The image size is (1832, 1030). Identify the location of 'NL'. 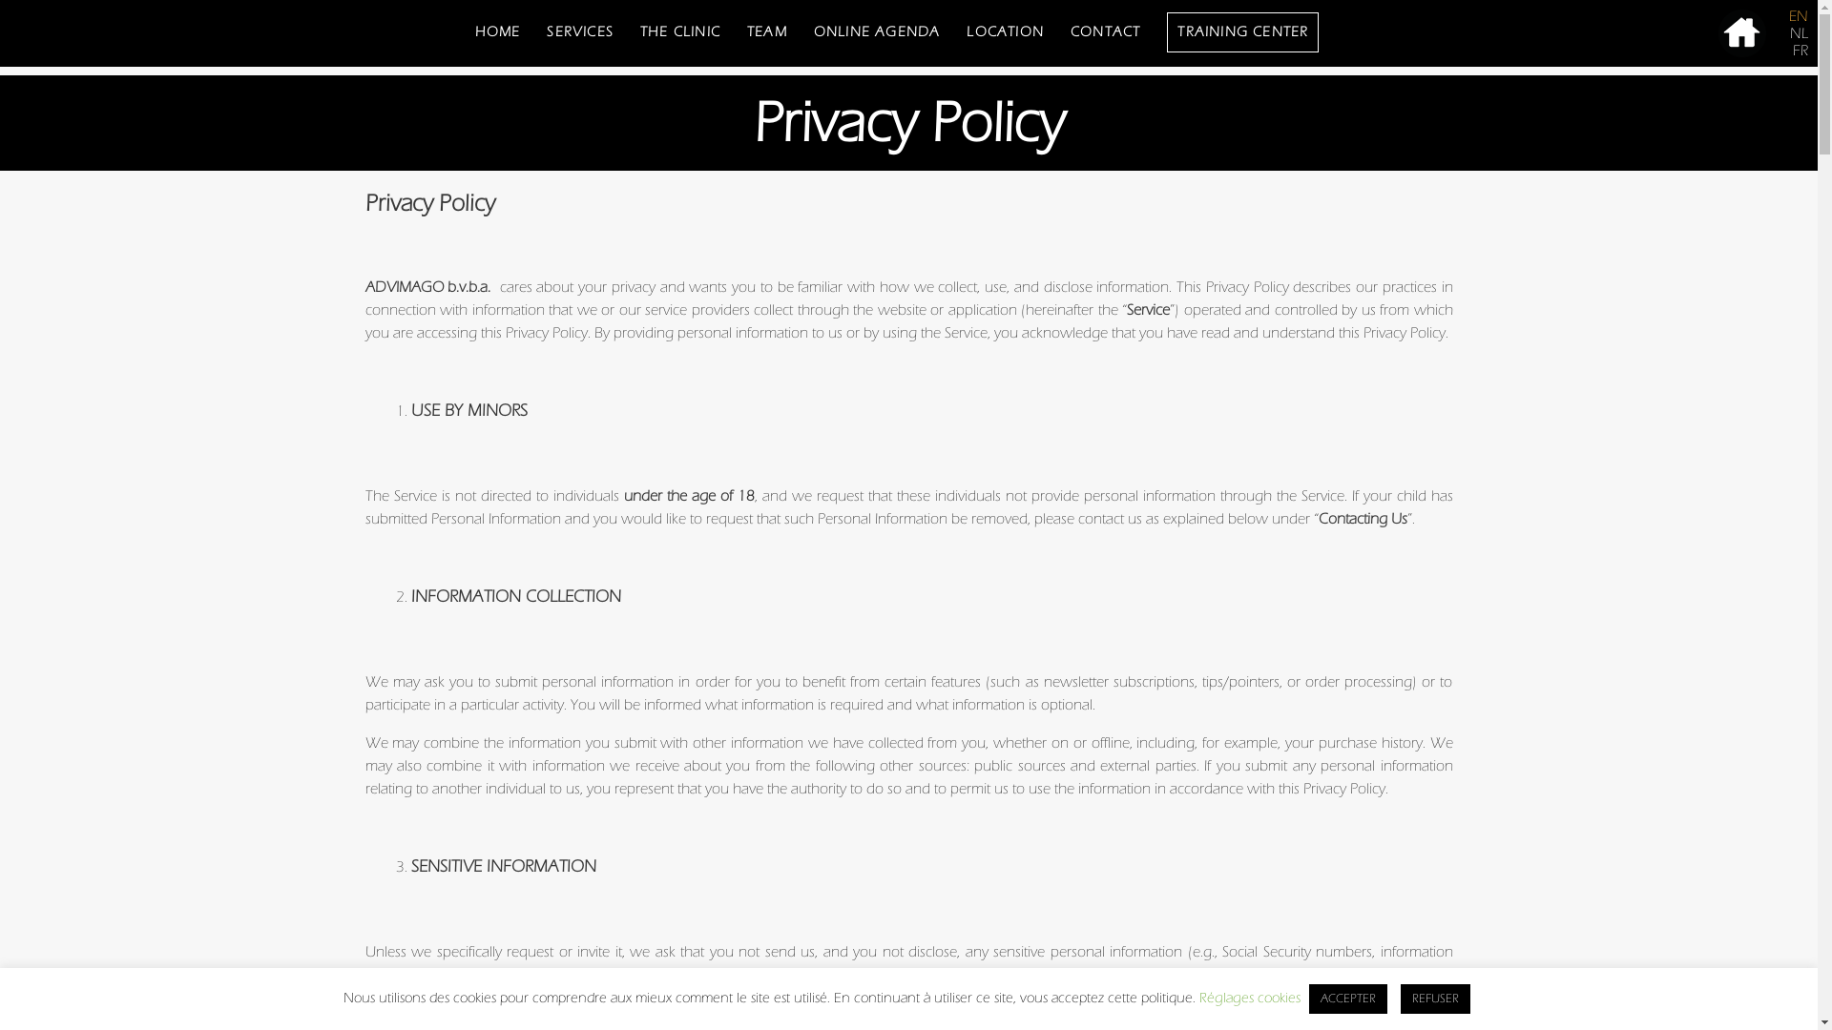
(1798, 32).